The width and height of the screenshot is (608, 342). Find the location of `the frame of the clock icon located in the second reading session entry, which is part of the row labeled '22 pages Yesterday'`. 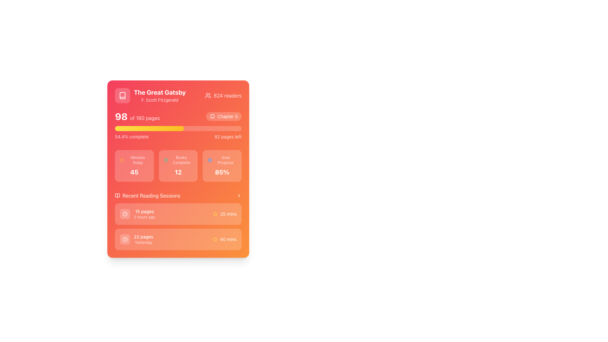

the frame of the clock icon located in the second reading session entry, which is part of the row labeled '22 pages Yesterday' is located at coordinates (125, 214).